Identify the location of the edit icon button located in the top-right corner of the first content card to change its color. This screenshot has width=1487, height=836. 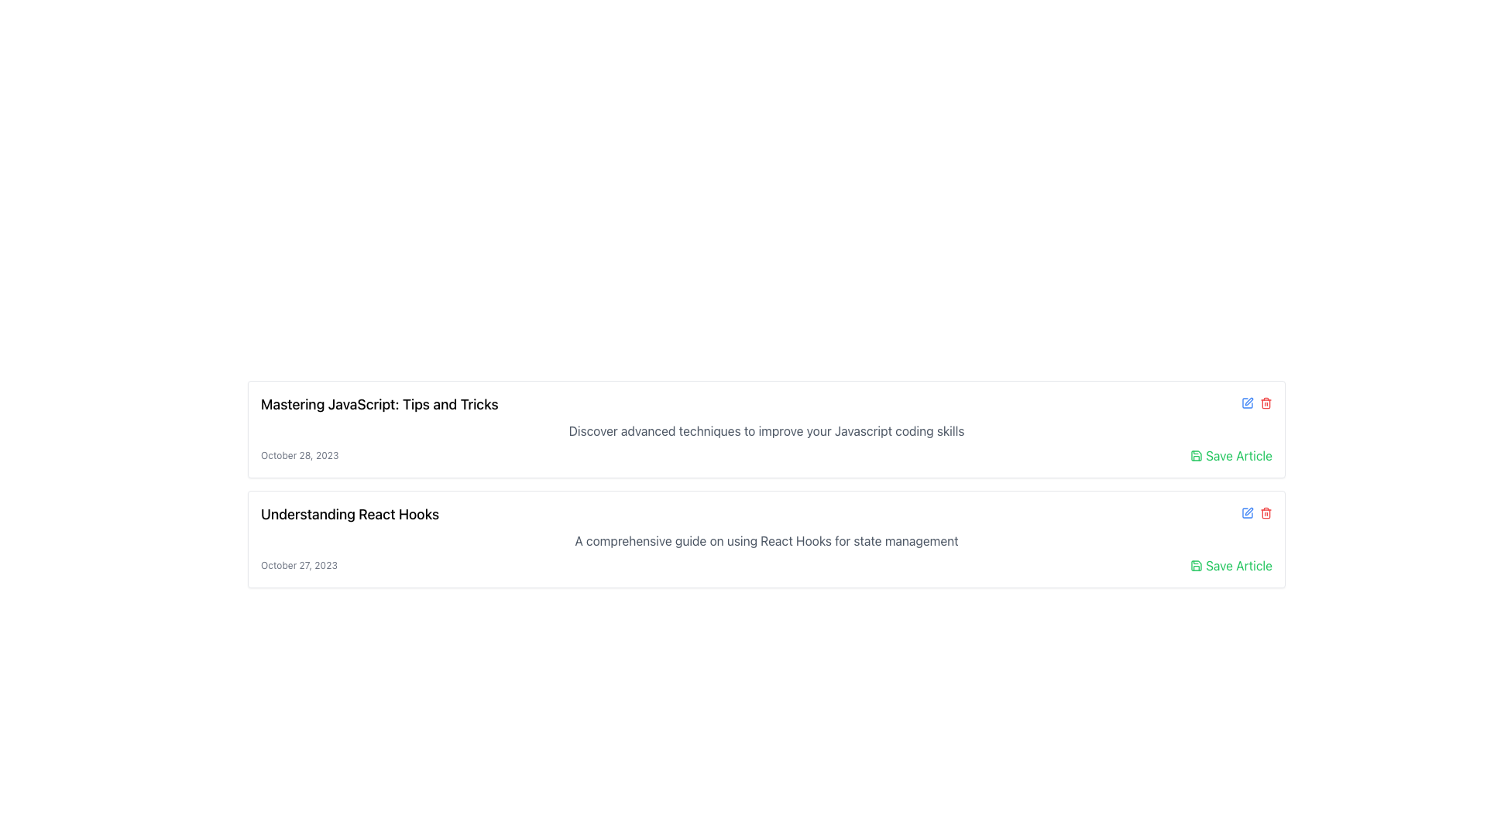
(1248, 402).